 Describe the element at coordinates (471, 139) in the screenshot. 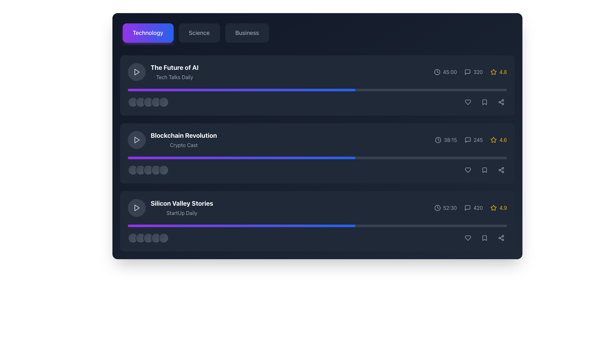

I see `the values displayed in the label group with icons summarizing statistics for the 'Blockchain Revolution' entry, located at the bottom right corner of the entry` at that location.